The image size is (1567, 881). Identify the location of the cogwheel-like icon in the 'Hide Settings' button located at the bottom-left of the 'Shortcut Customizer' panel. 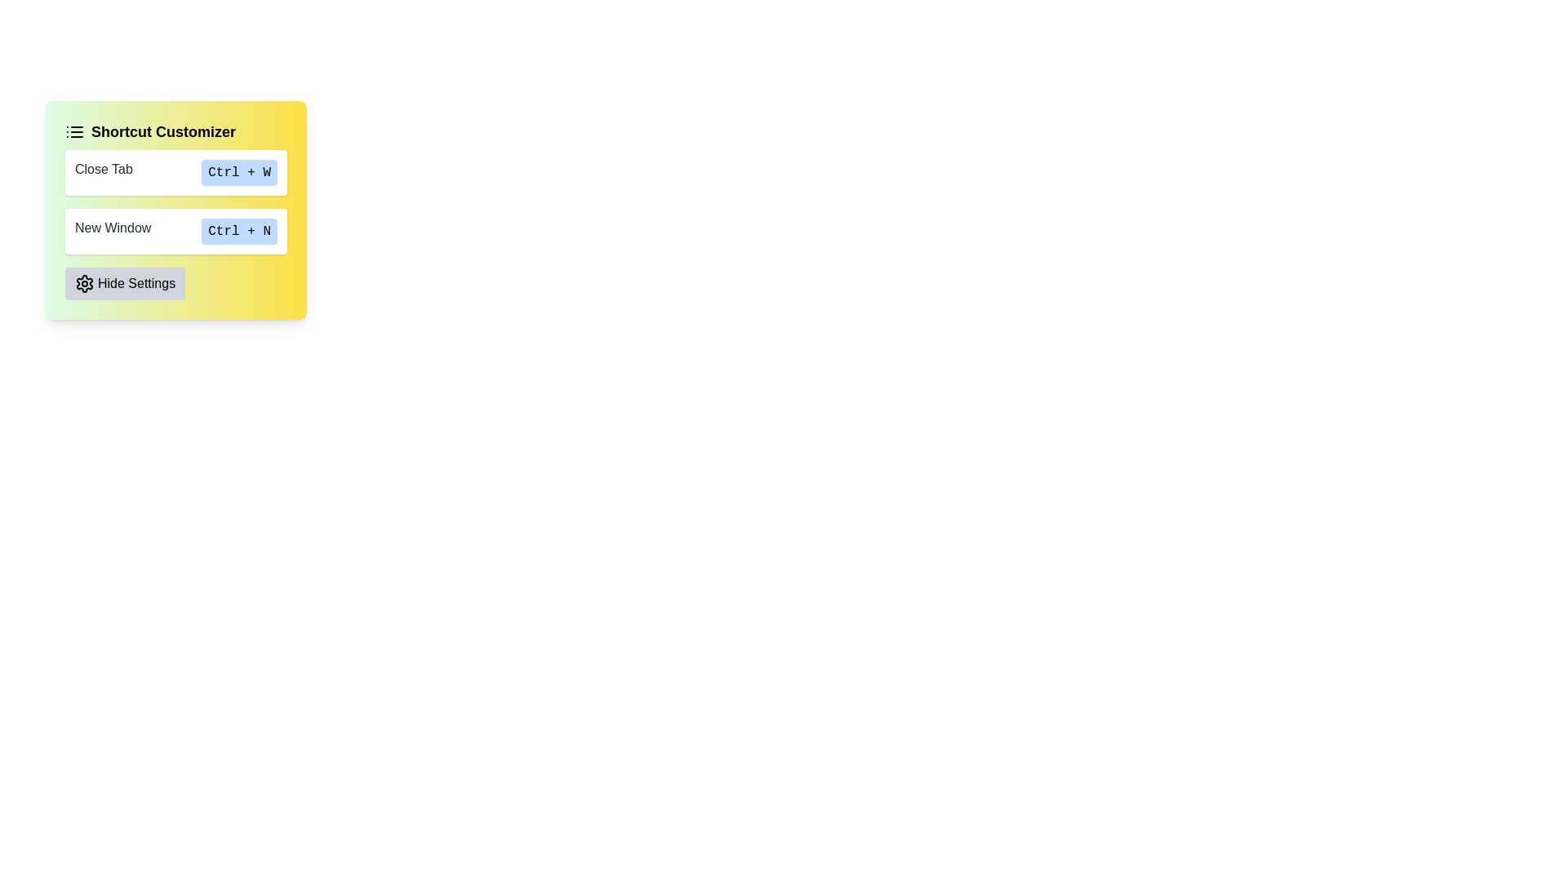
(84, 282).